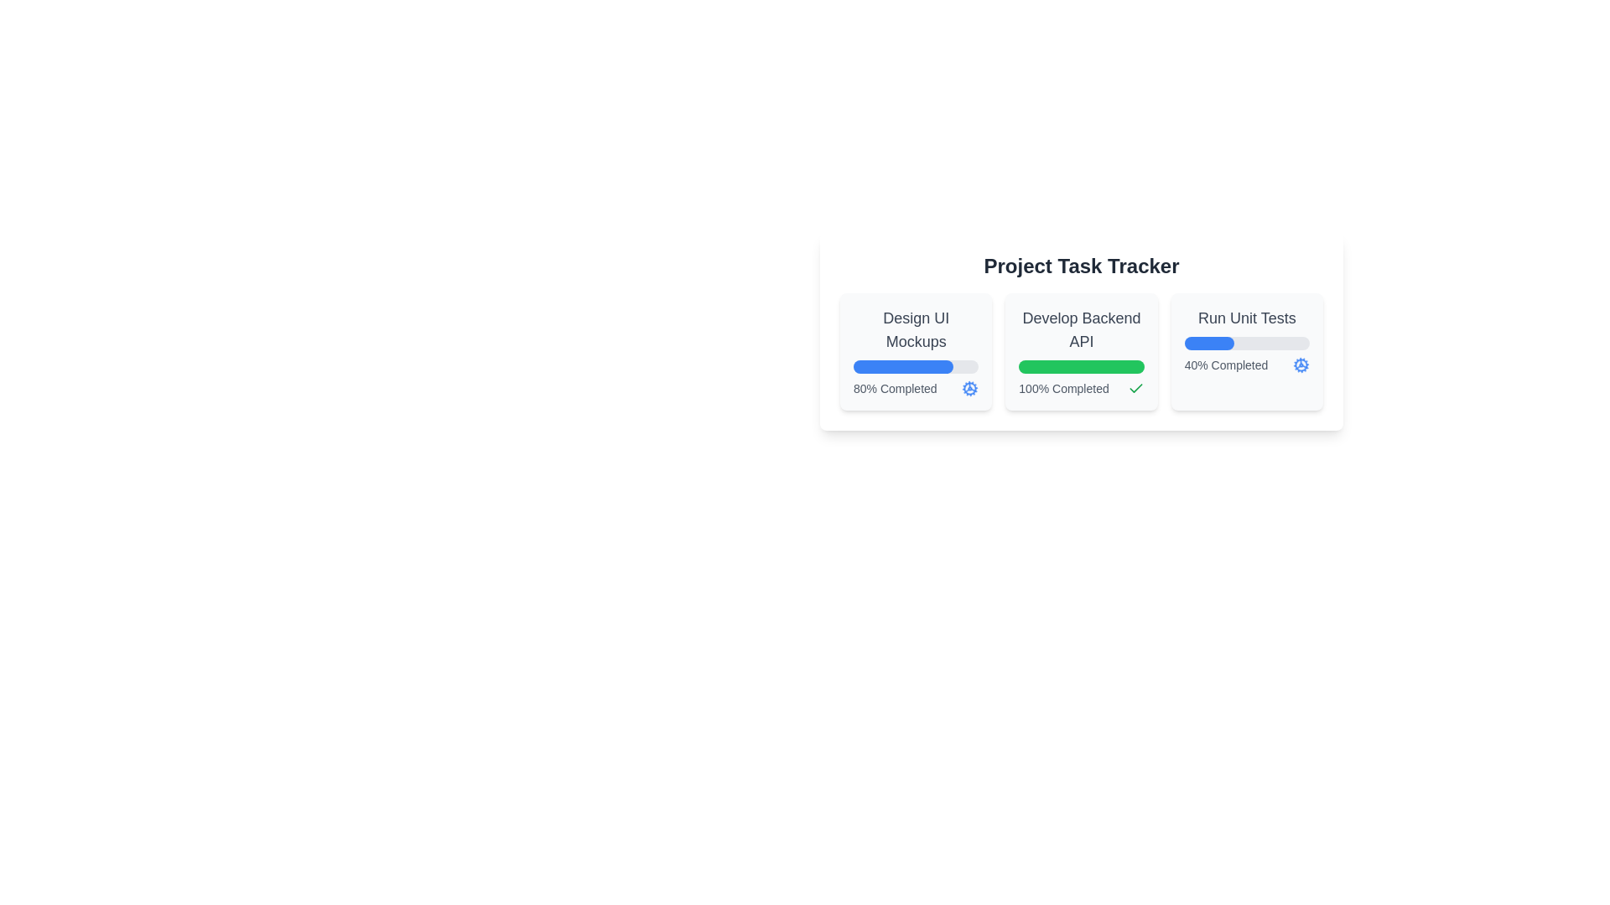 Image resolution: width=1610 pixels, height=905 pixels. What do you see at coordinates (1081, 351) in the screenshot?
I see `the Task progress indicator for 'Develop Backend API', which shows it has been fully completed, to interact with the surrounding visual elements` at bounding box center [1081, 351].